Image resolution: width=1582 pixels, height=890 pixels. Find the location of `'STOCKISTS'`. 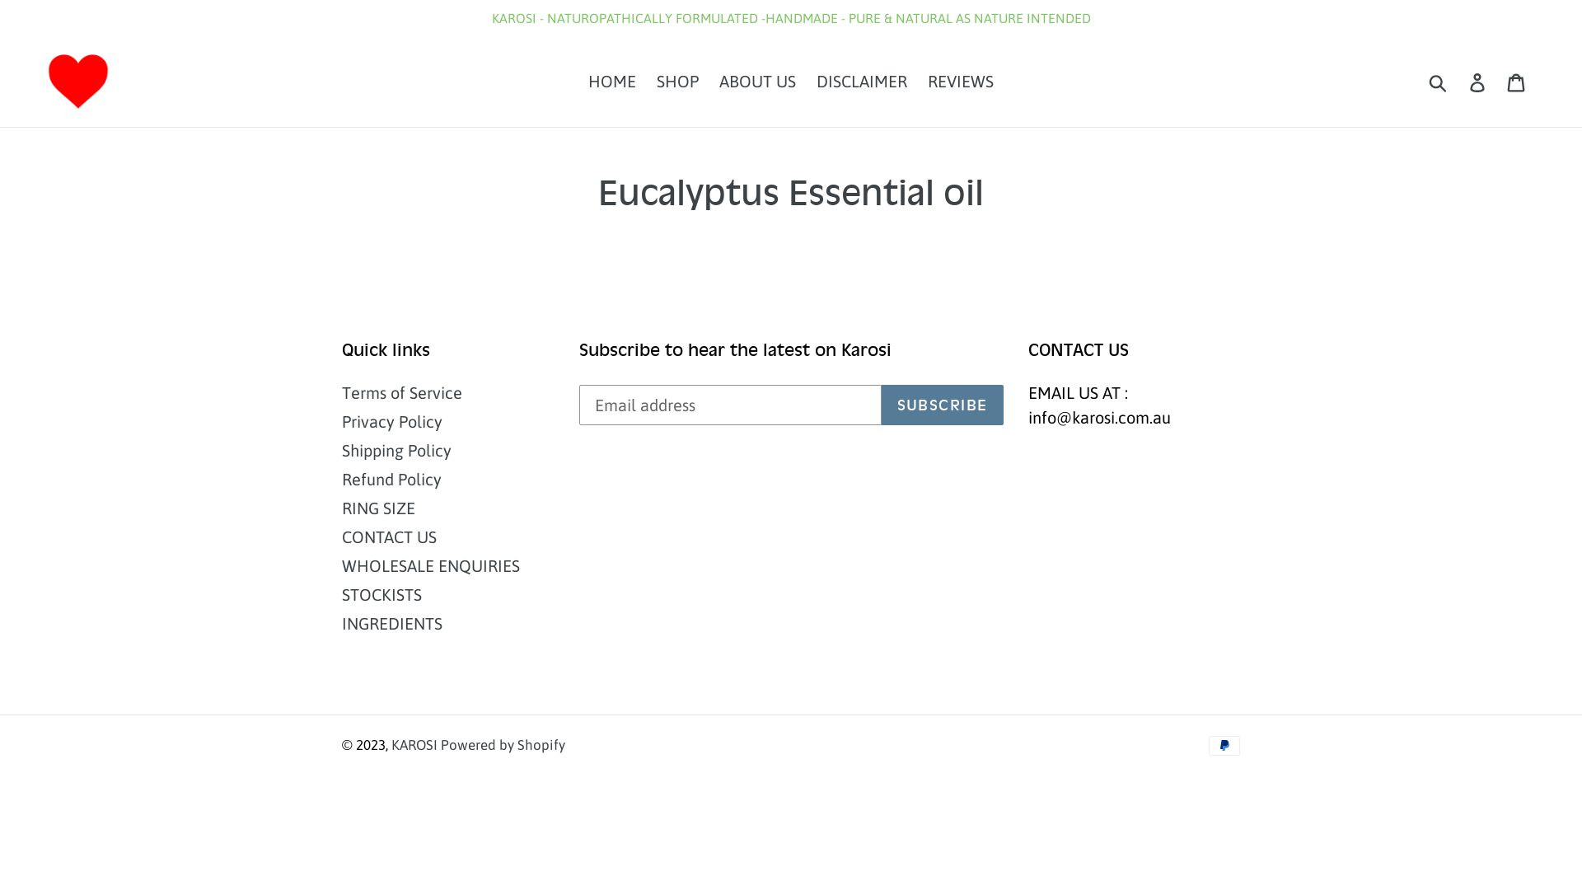

'STOCKISTS' is located at coordinates (381, 594).